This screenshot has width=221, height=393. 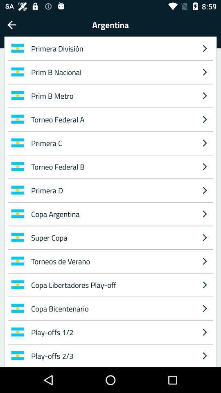 I want to click on the icon next to torneo federal b, so click(x=204, y=190).